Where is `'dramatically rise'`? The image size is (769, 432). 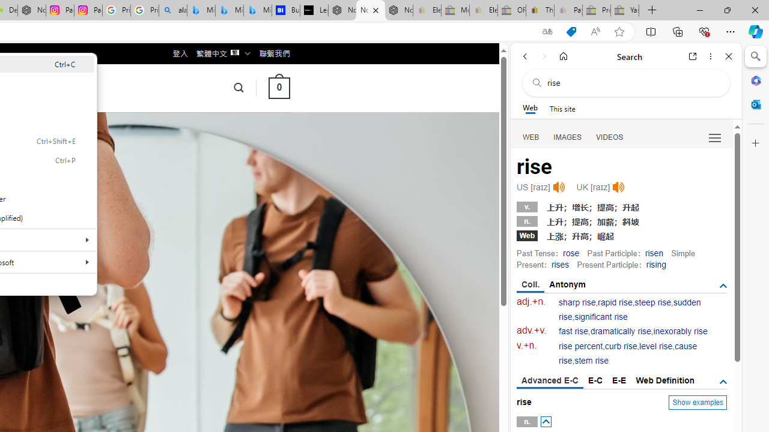
'dramatically rise' is located at coordinates (620, 331).